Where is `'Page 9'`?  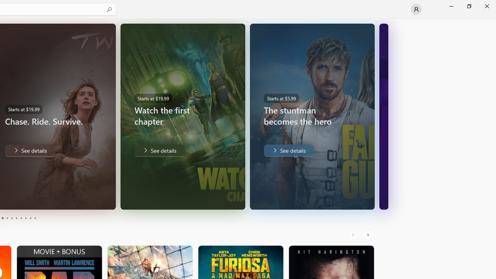 'Page 9' is located at coordinates (30, 218).